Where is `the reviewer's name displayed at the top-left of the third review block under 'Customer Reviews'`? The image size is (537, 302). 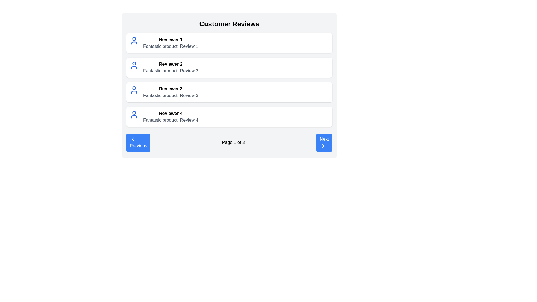
the reviewer's name displayed at the top-left of the third review block under 'Customer Reviews' is located at coordinates (170, 88).